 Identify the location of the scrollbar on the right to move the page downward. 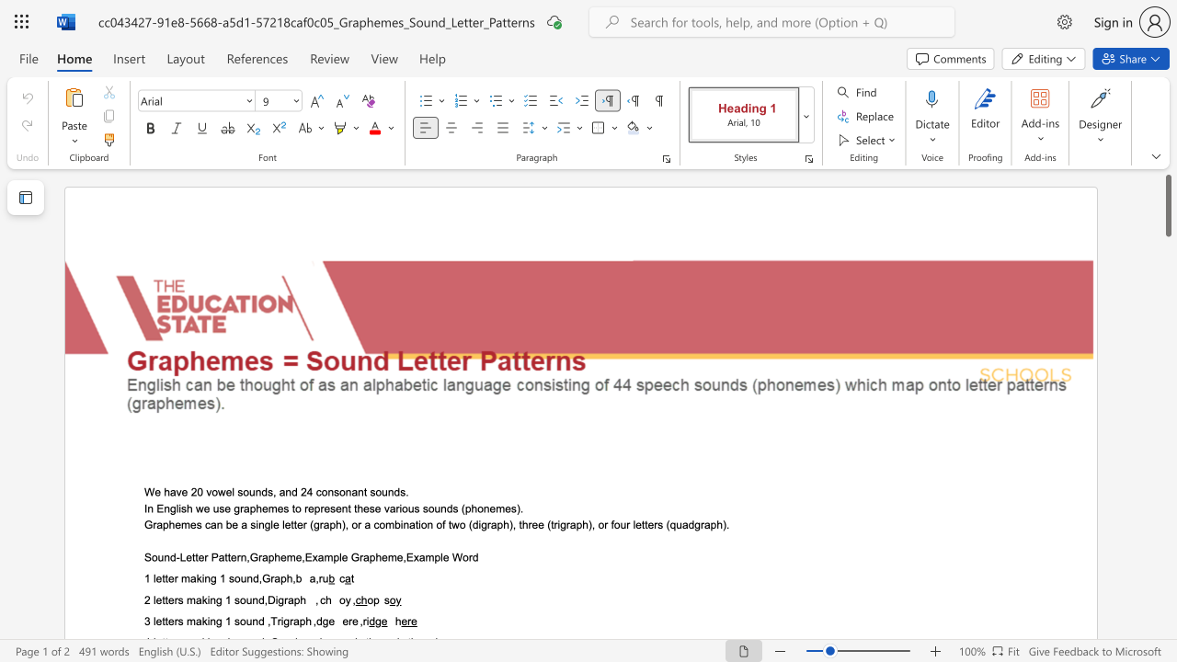
(1167, 285).